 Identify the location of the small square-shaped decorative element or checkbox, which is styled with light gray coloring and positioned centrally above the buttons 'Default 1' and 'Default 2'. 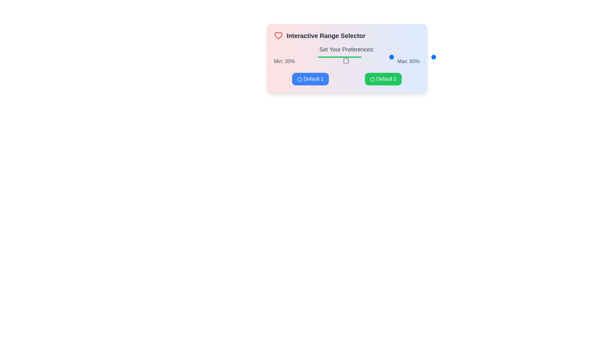
(346, 61).